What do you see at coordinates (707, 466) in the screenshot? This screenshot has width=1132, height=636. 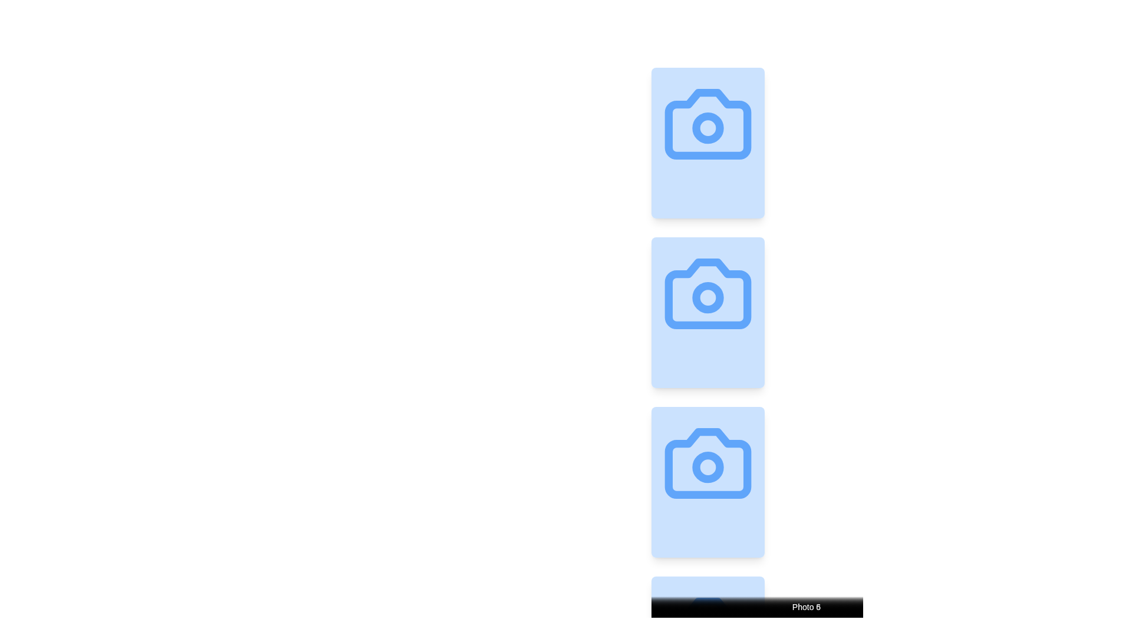 I see `the SVG circle element that visually represents the lens of a camera icon, which is the third in a vertical sequence of camera icons` at bounding box center [707, 466].